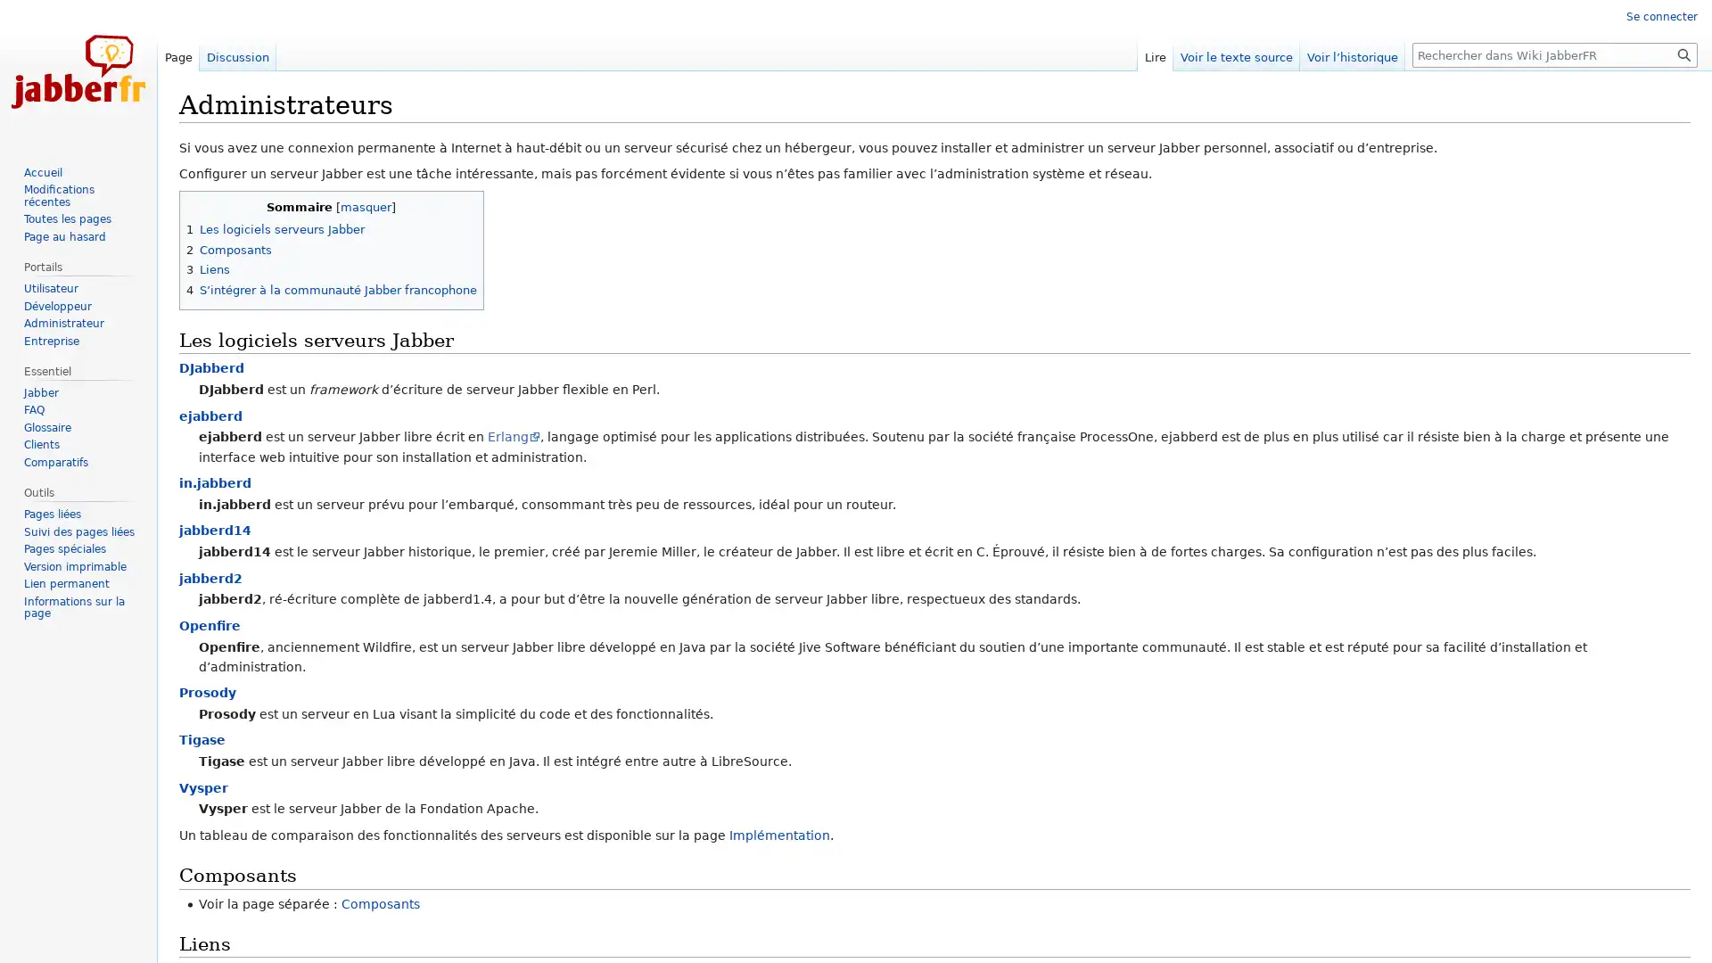 The width and height of the screenshot is (1712, 963). Describe the element at coordinates (1683, 53) in the screenshot. I see `Lire` at that location.